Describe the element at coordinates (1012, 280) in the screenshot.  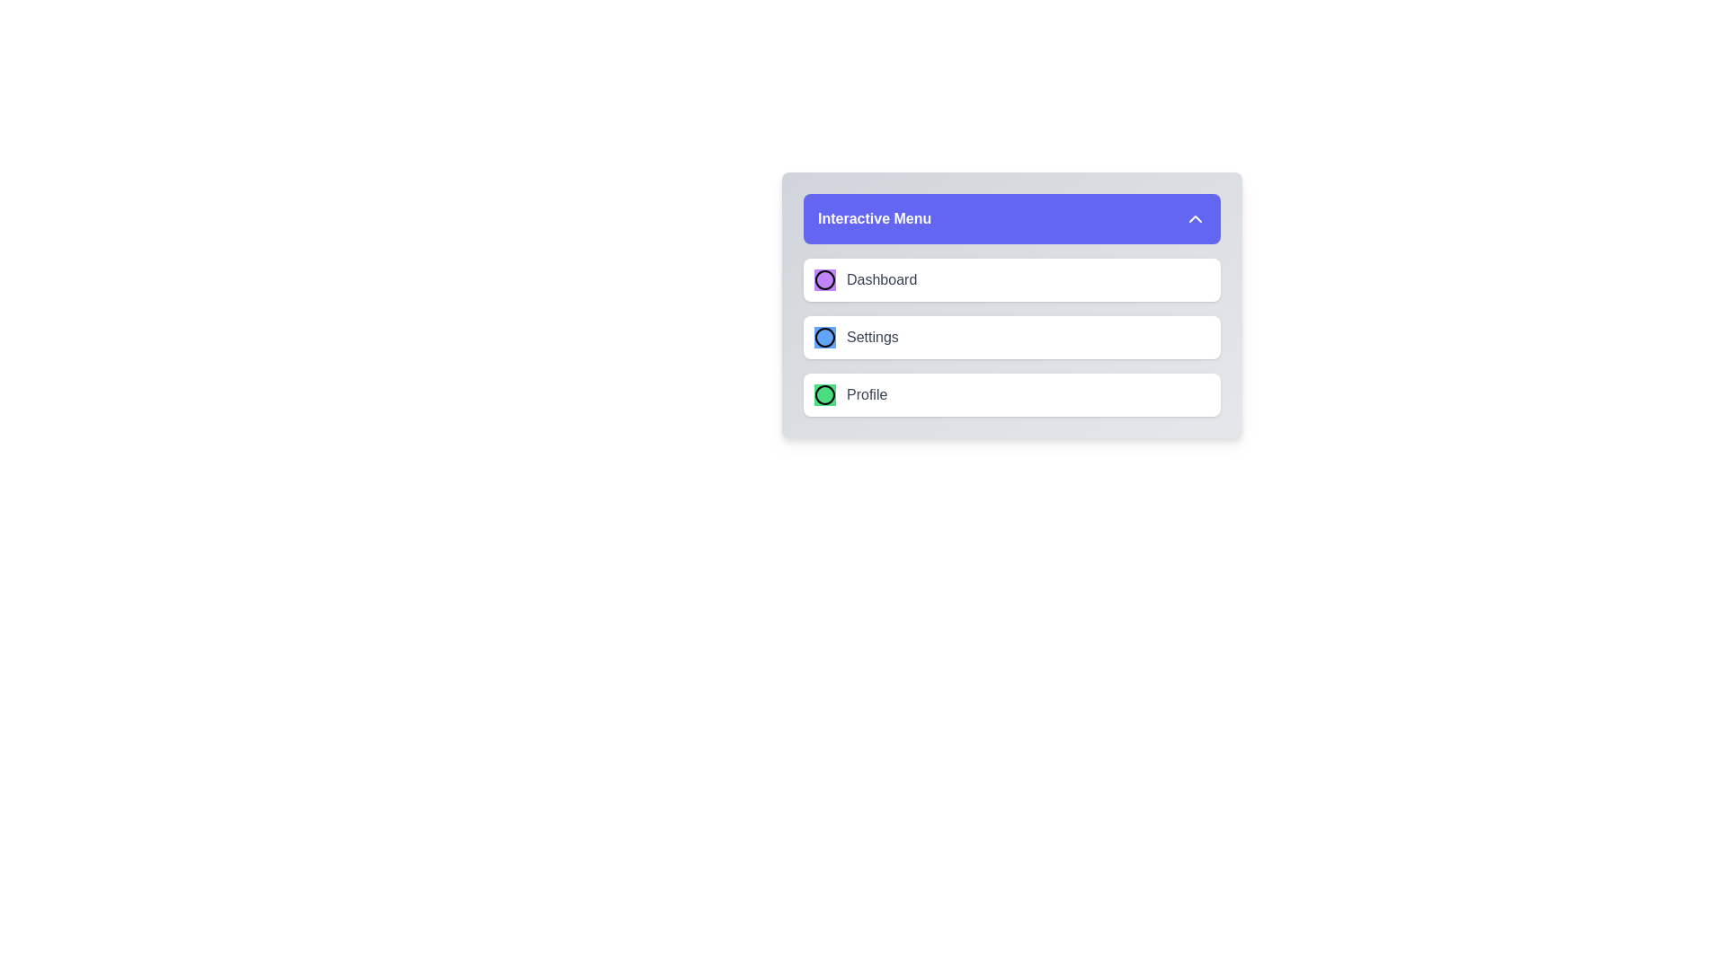
I see `the menu item Dashboard` at that location.